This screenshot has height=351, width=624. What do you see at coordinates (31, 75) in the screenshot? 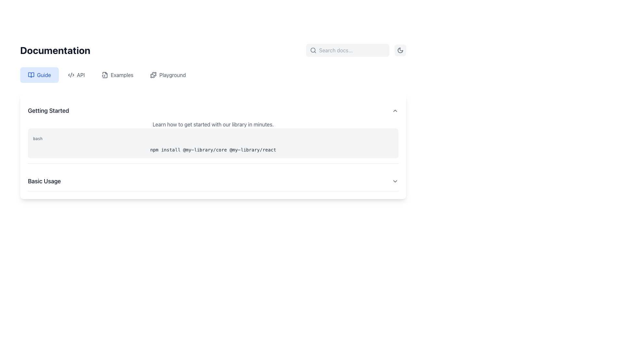
I see `the Decorative SVG icon component resembling an open book, located in the top-left corner of the interface` at bounding box center [31, 75].